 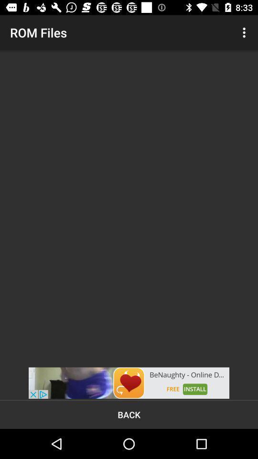 I want to click on advertisement option, so click(x=129, y=383).